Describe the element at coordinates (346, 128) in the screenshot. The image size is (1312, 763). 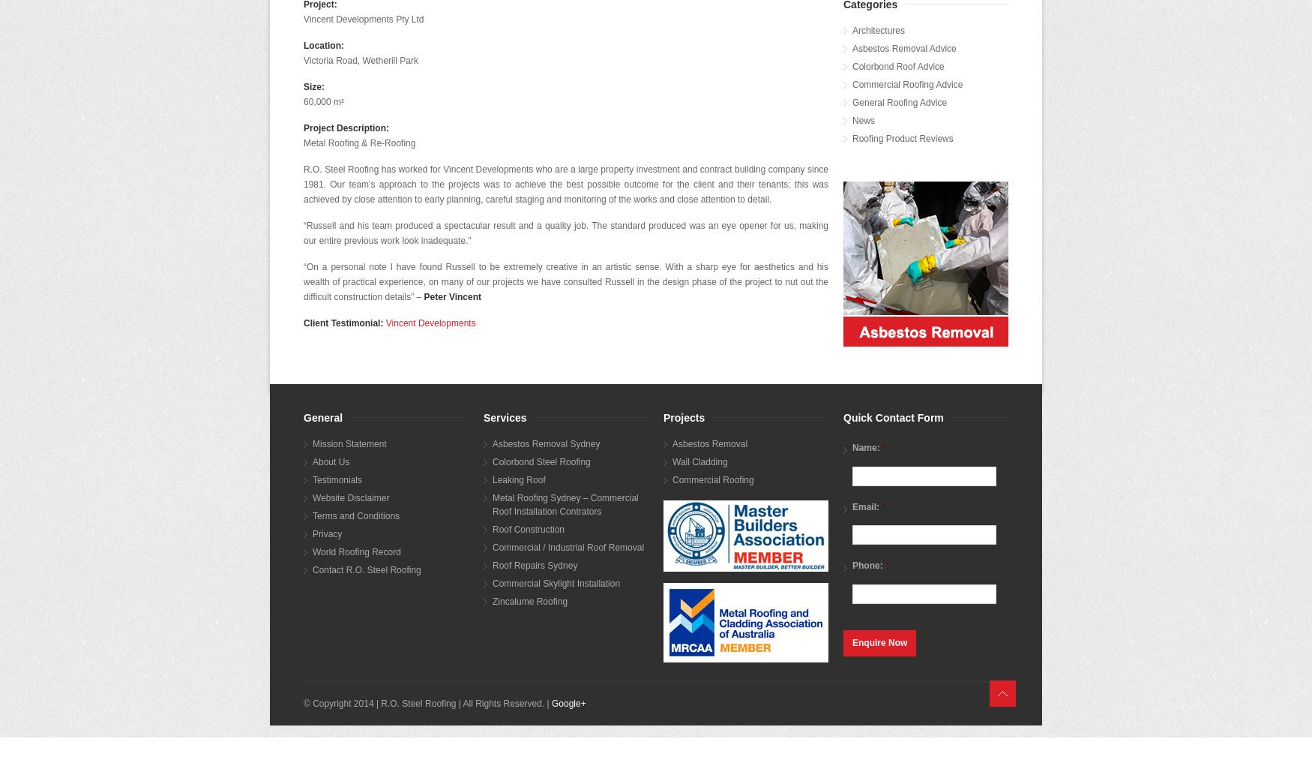
I see `'Project Description:'` at that location.